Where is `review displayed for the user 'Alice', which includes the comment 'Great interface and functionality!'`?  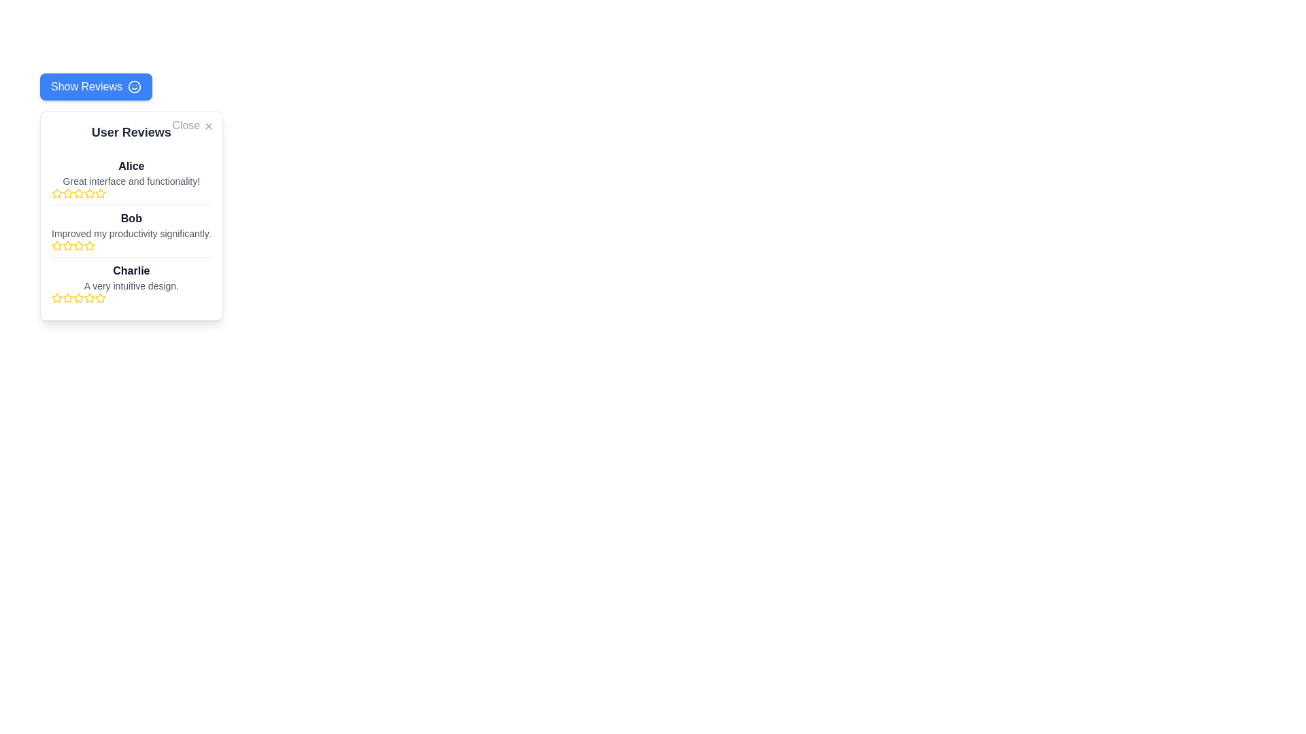
review displayed for the user 'Alice', which includes the comment 'Great interface and functionality!' is located at coordinates (131, 177).